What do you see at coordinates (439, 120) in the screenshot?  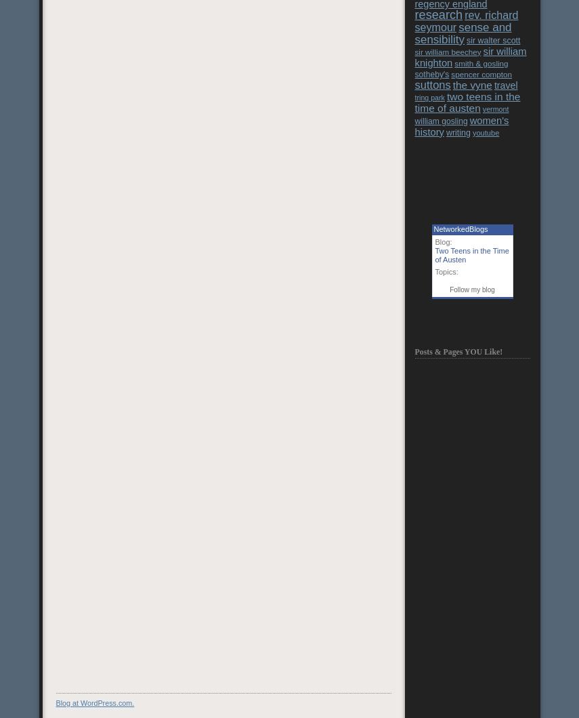 I see `'william gosling'` at bounding box center [439, 120].